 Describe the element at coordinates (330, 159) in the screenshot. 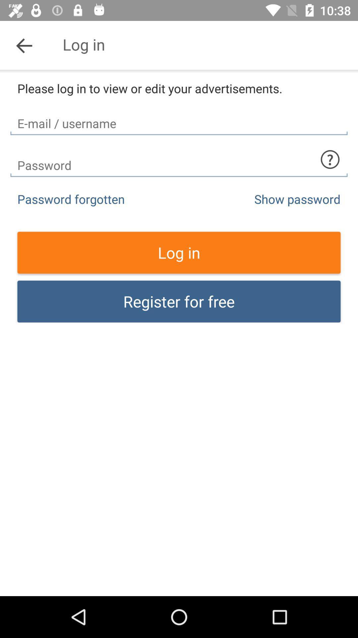

I see `the help icon` at that location.